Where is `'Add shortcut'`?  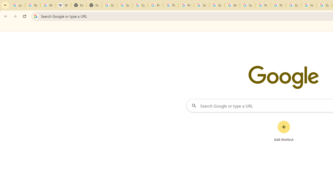 'Add shortcut' is located at coordinates (283, 131).